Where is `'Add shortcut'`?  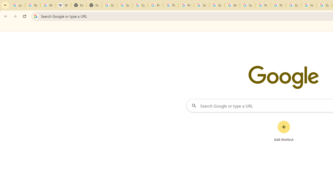 'Add shortcut' is located at coordinates (283, 131).